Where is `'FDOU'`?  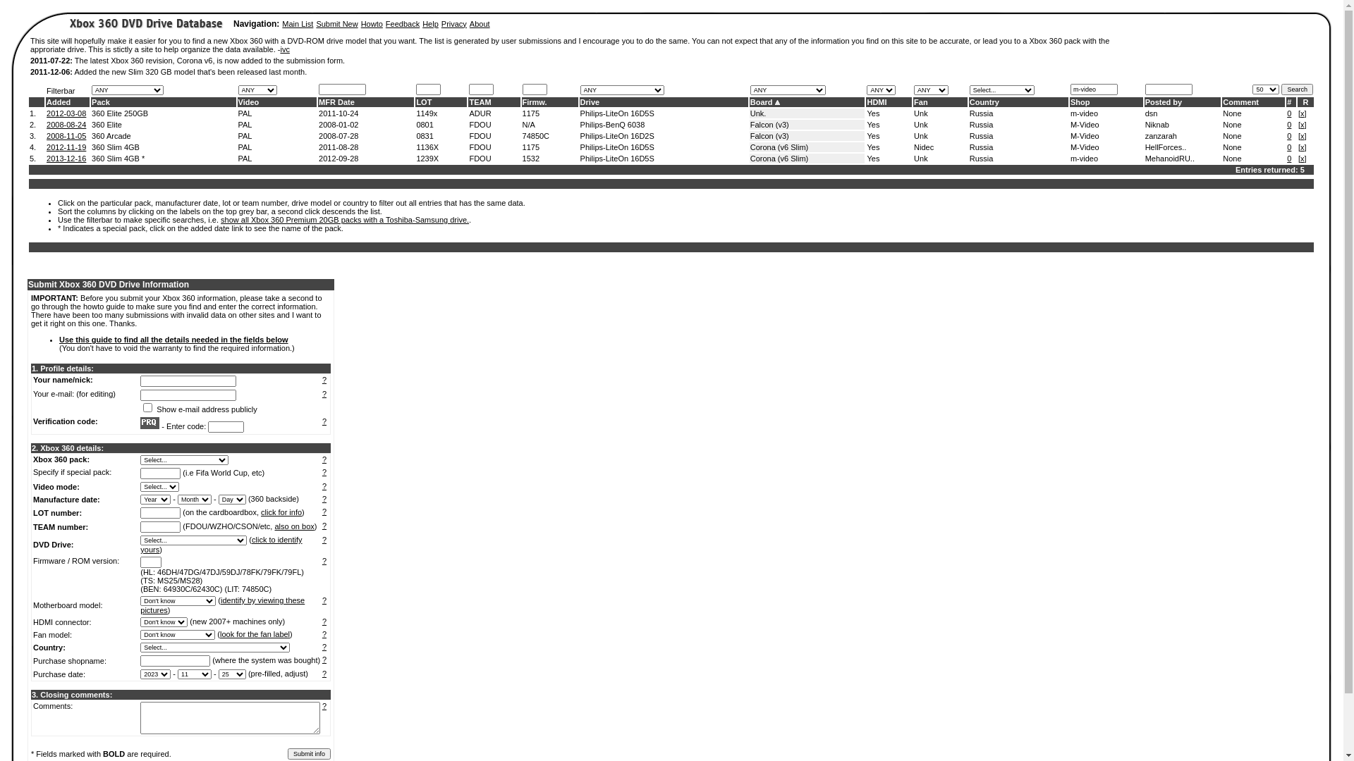 'FDOU' is located at coordinates (480, 147).